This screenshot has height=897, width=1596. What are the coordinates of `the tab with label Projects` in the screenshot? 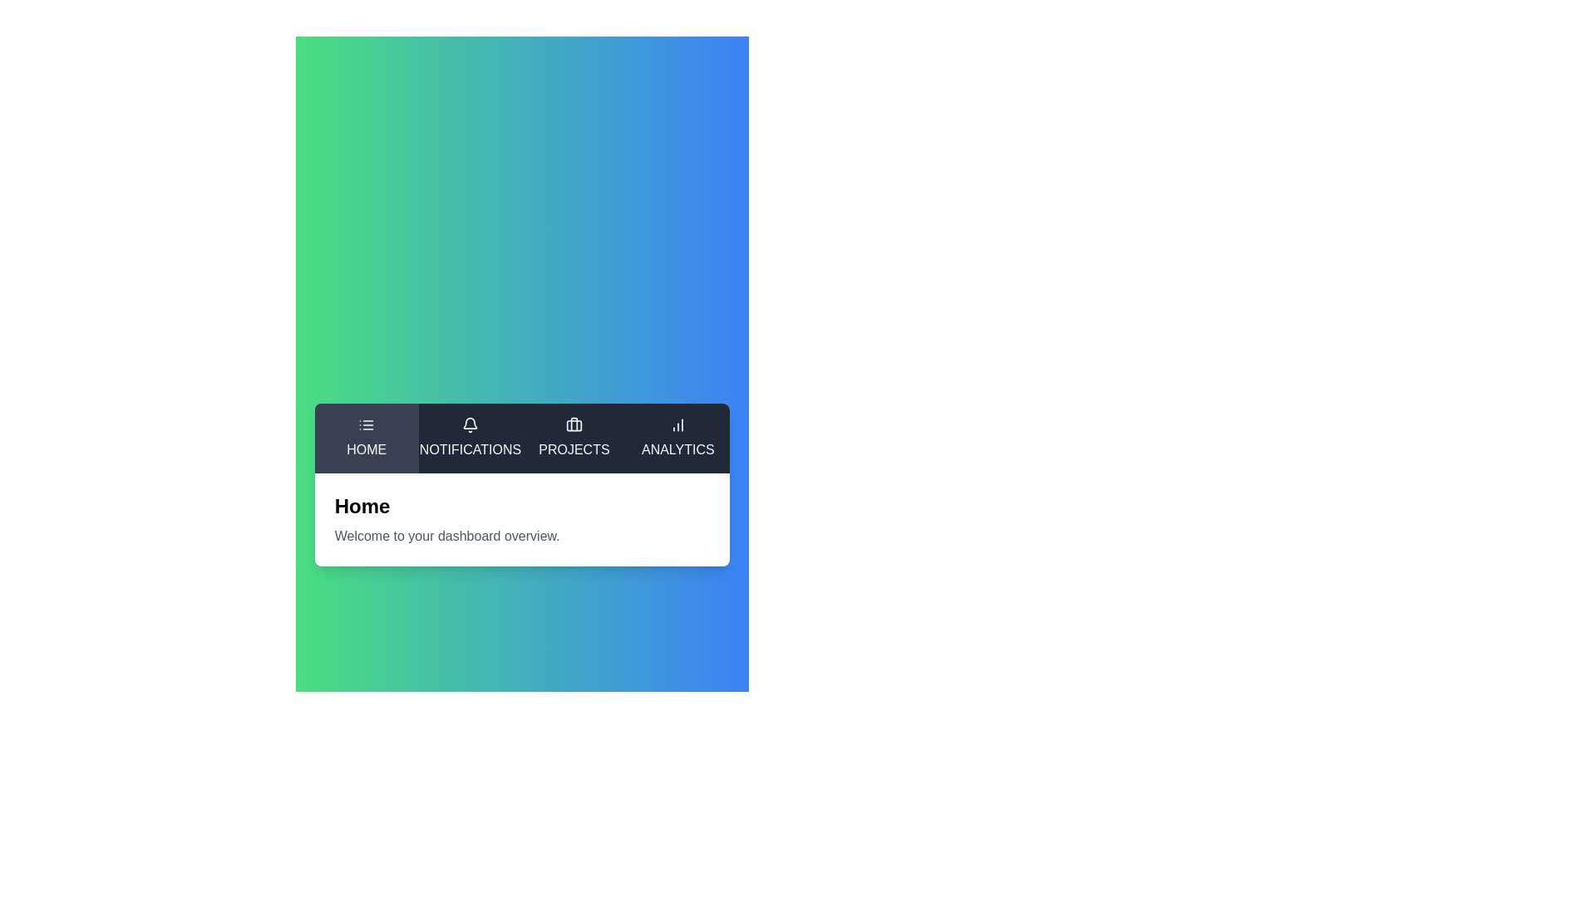 It's located at (574, 438).